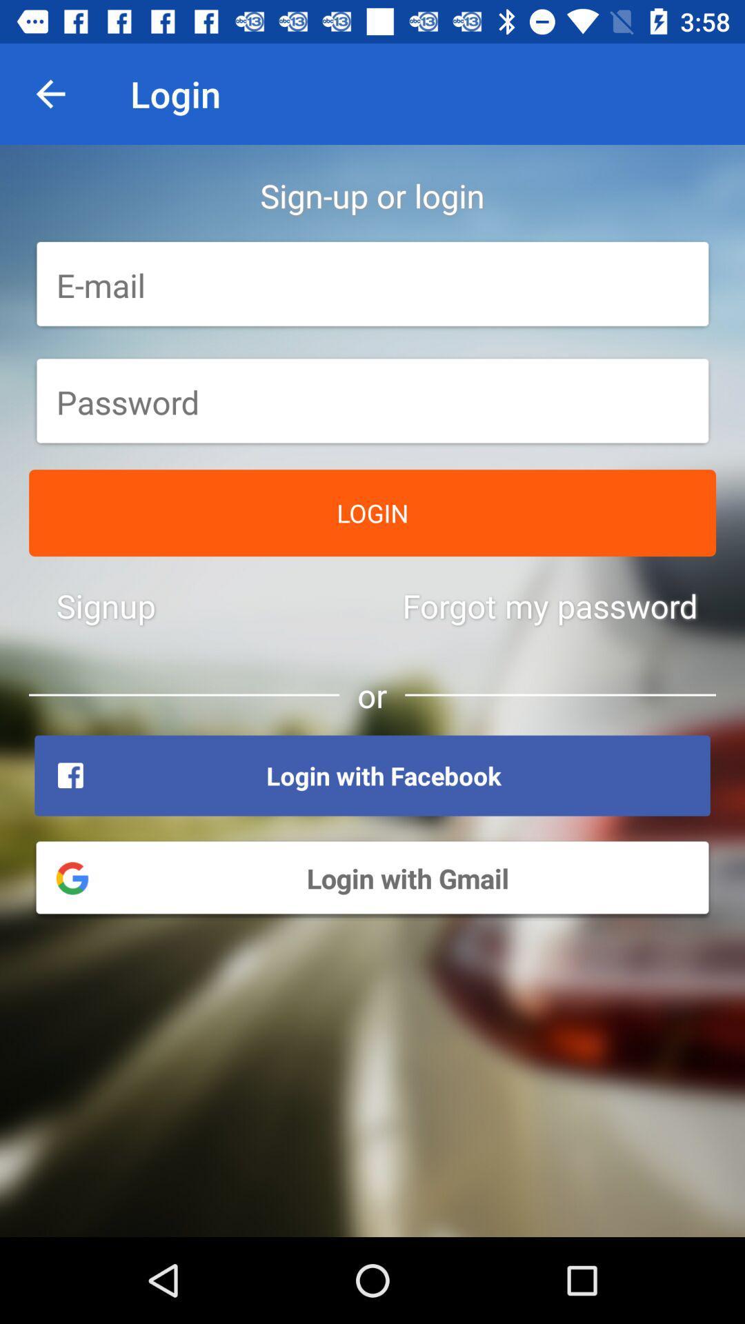 The image size is (745, 1324). What do you see at coordinates (549, 605) in the screenshot?
I see `icon below login` at bounding box center [549, 605].